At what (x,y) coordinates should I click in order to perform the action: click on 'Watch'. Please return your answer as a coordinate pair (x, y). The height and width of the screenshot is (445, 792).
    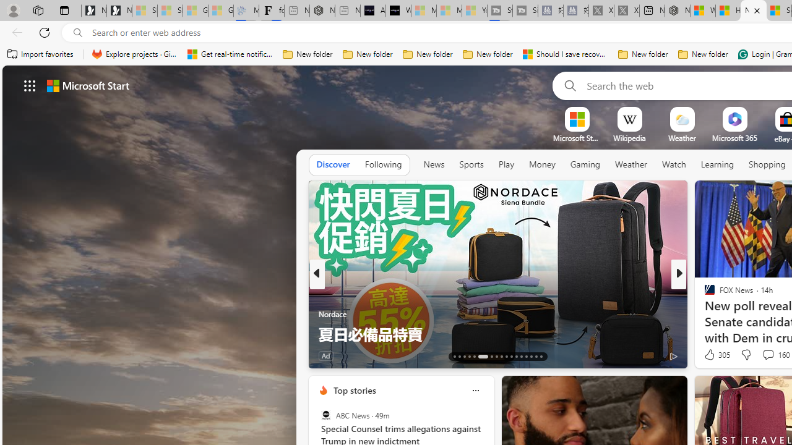
    Looking at the image, I should click on (673, 164).